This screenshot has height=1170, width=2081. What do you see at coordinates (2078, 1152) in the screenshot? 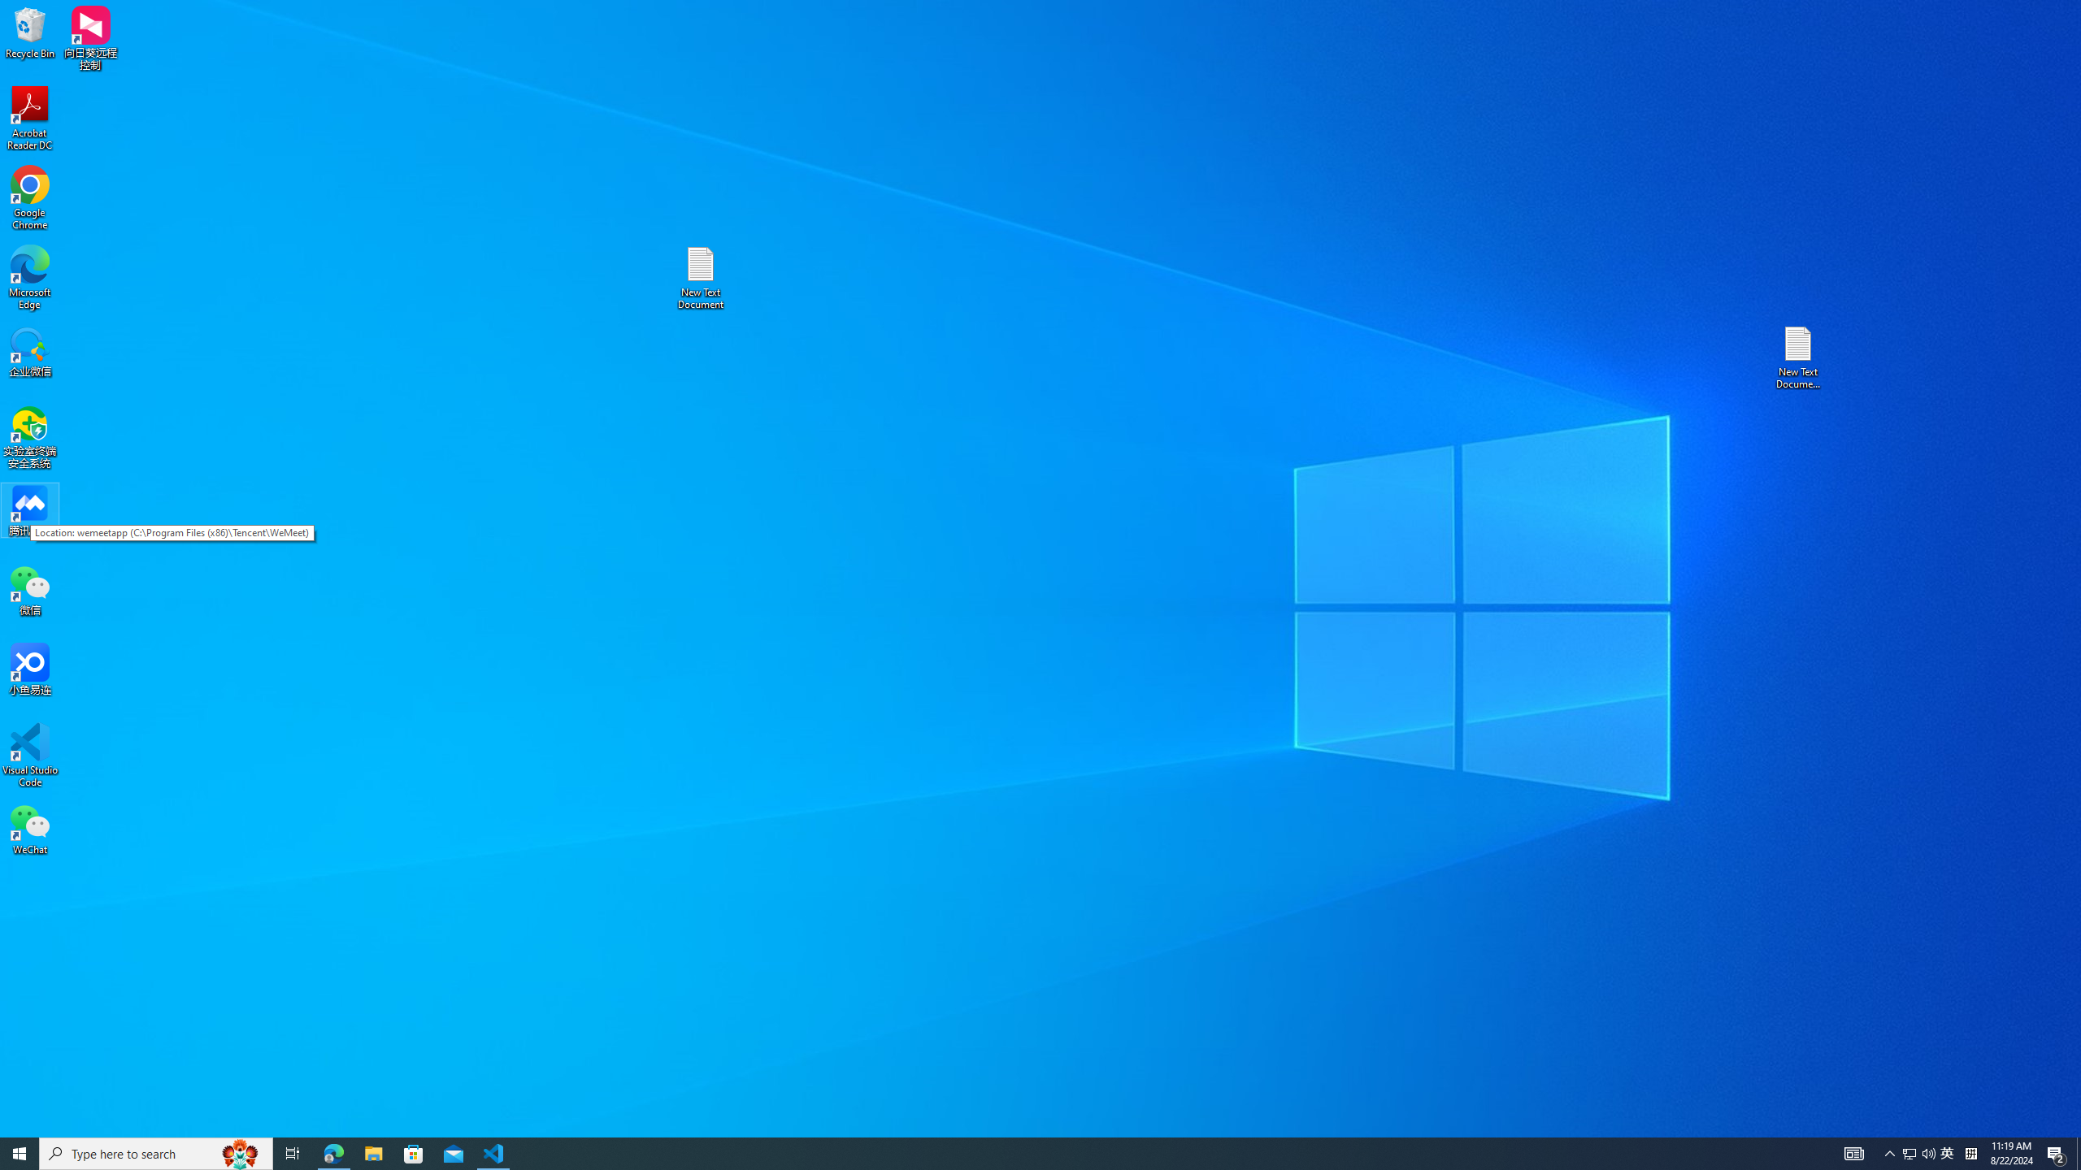
I see `'Show desktop'` at bounding box center [2078, 1152].